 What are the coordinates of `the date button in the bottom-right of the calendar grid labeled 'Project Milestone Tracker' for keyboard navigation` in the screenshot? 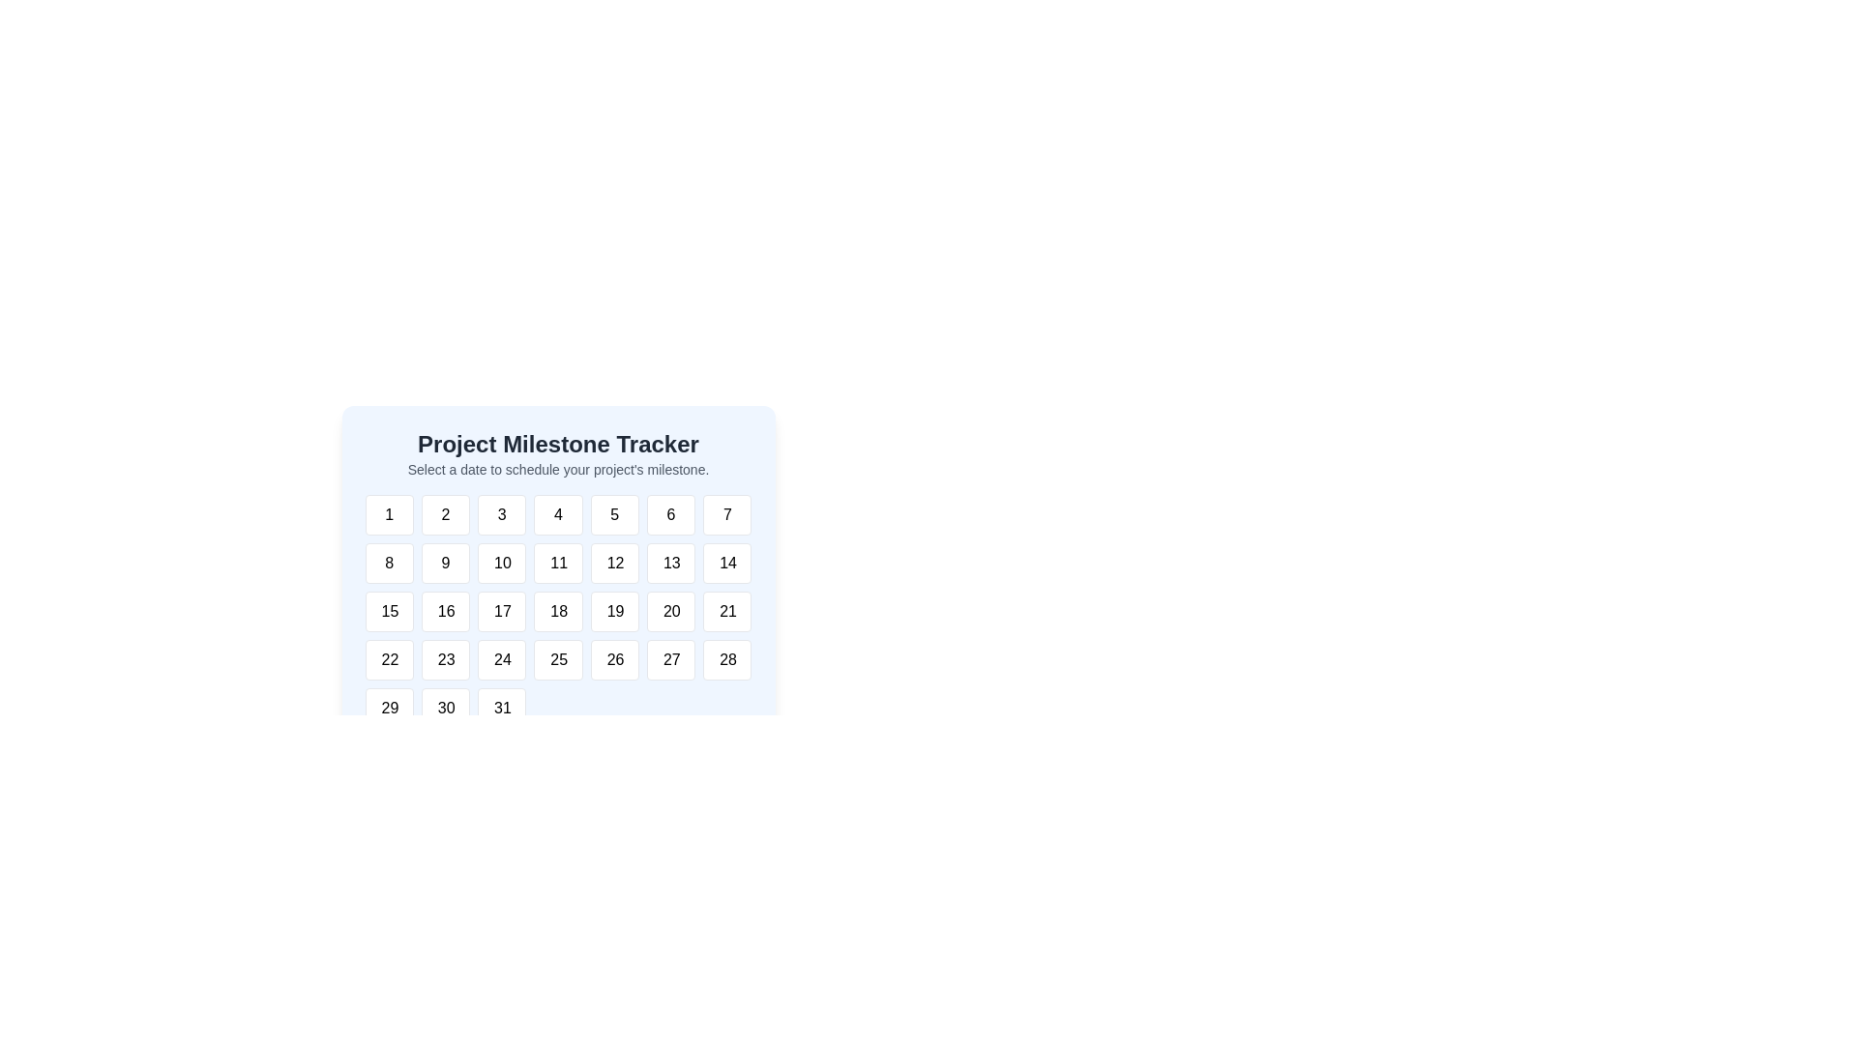 It's located at (726, 611).